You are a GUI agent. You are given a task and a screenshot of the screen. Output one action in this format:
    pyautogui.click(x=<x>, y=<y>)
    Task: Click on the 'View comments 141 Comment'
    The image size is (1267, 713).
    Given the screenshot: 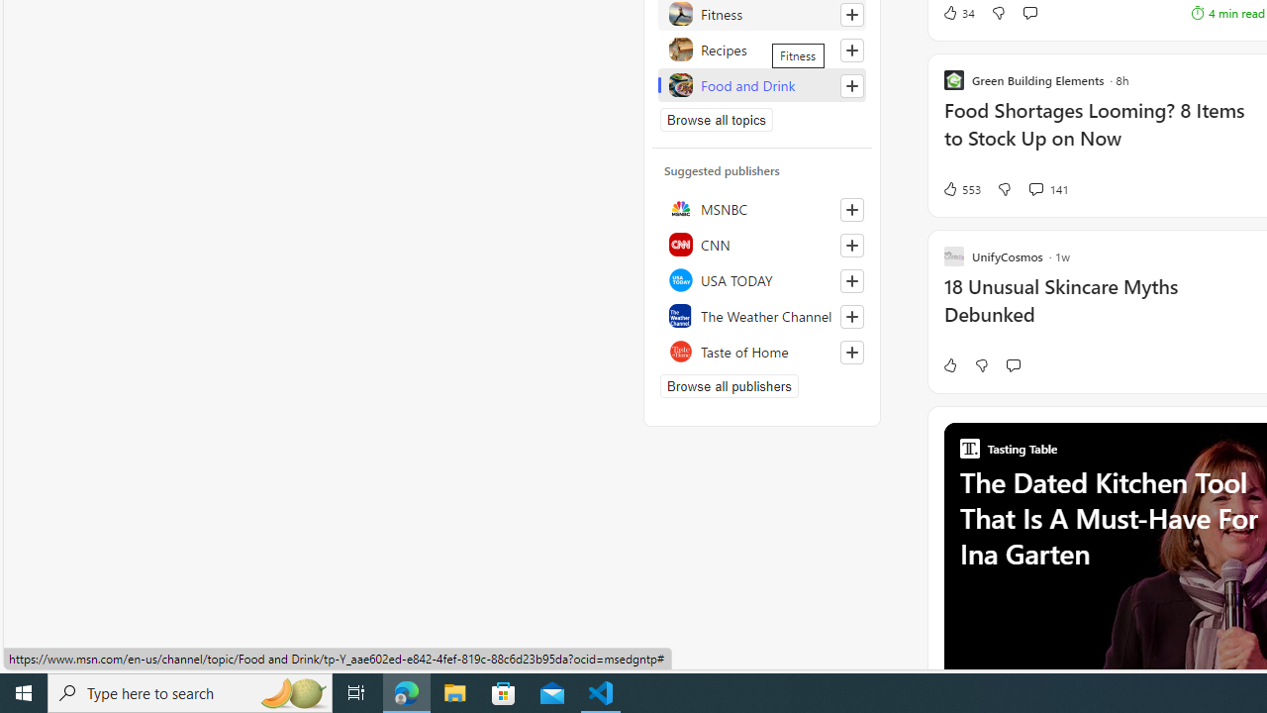 What is the action you would take?
    pyautogui.click(x=1034, y=188)
    